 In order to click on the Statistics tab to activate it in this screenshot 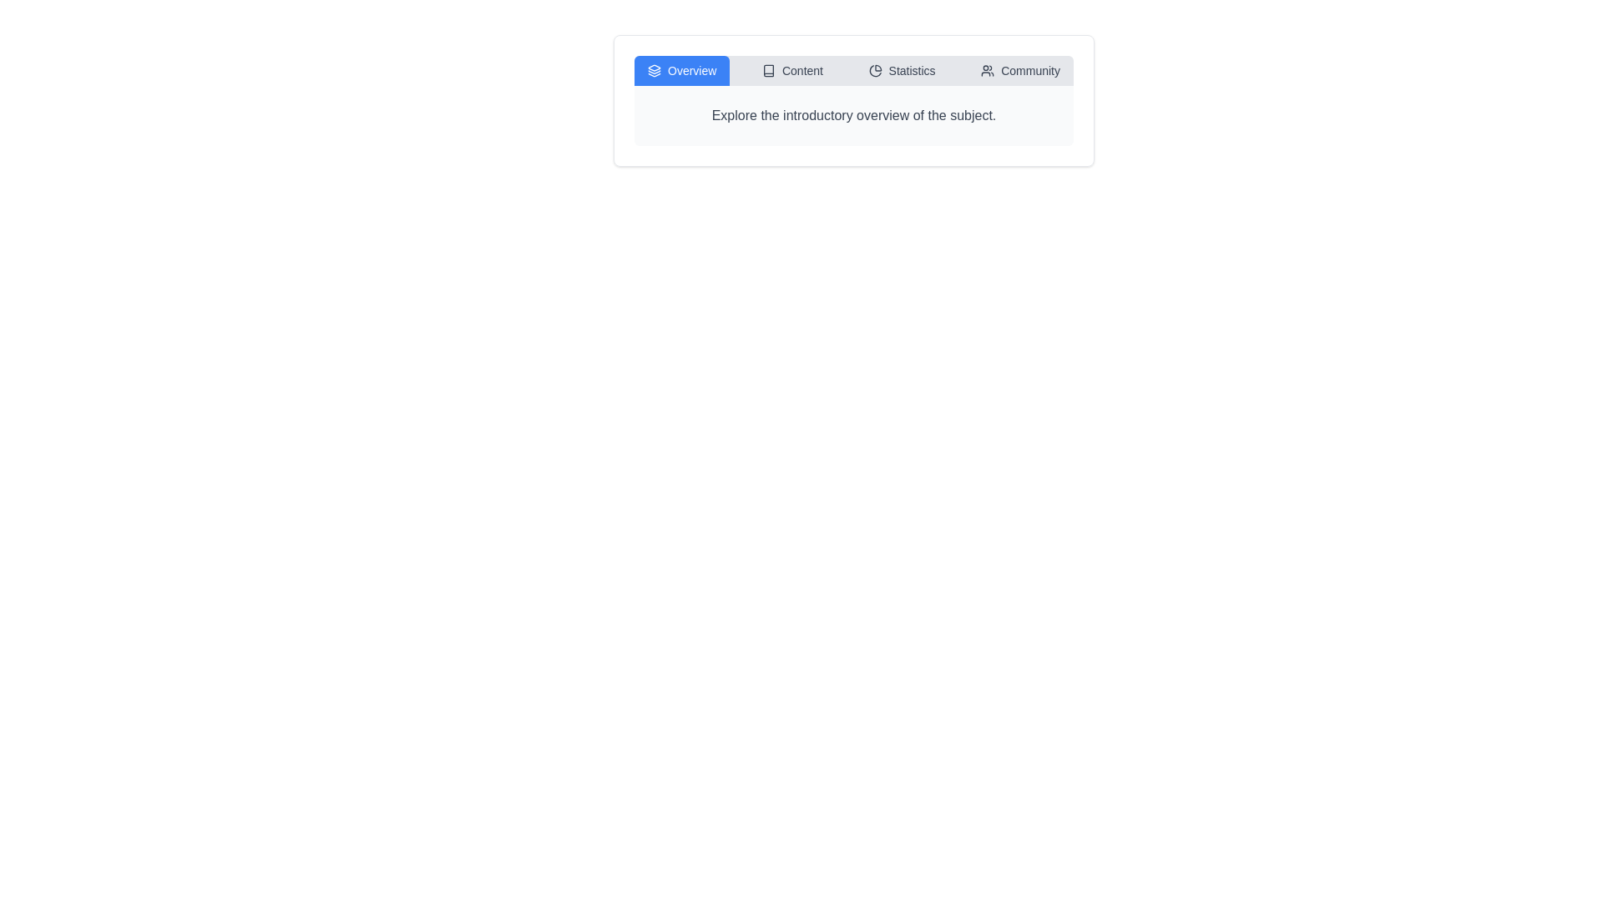, I will do `click(901, 69)`.